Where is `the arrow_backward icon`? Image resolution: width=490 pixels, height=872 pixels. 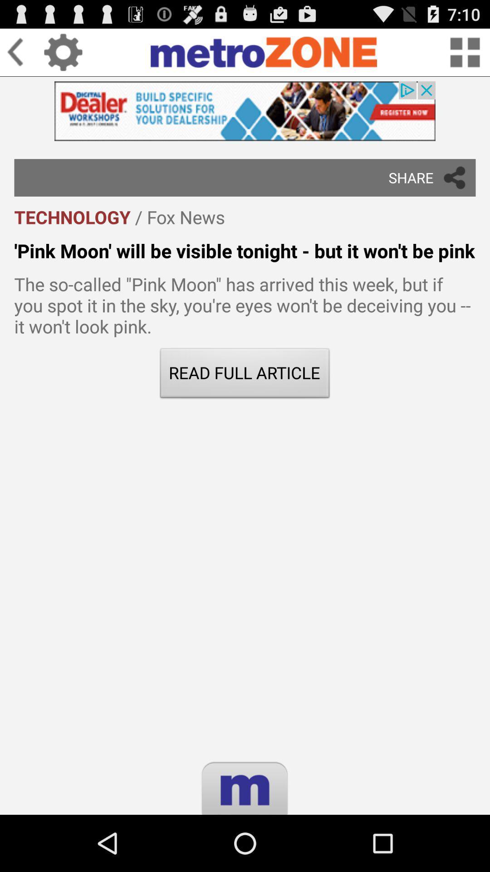
the arrow_backward icon is located at coordinates (24, 55).